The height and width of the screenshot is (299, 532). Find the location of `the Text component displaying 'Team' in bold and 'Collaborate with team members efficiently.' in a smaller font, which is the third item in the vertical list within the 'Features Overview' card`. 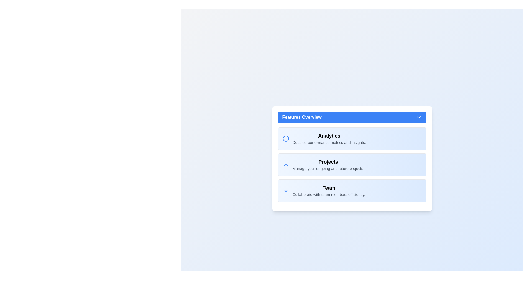

the Text component displaying 'Team' in bold and 'Collaborate with team members efficiently.' in a smaller font, which is the third item in the vertical list within the 'Features Overview' card is located at coordinates (329, 190).